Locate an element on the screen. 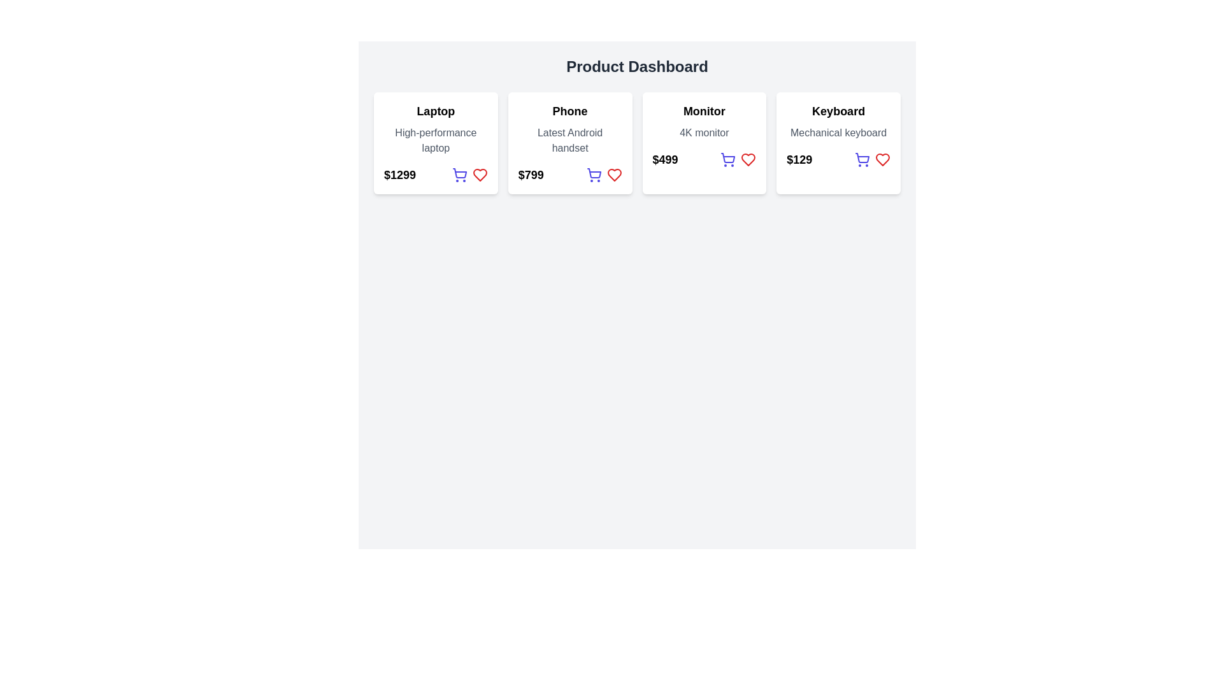 The image size is (1223, 688). the static text element reading 'Mechanical keyboard', which is styled in a subdued gray font and positioned below the bold 'Keyboard' heading in the fourth product card is located at coordinates (838, 133).